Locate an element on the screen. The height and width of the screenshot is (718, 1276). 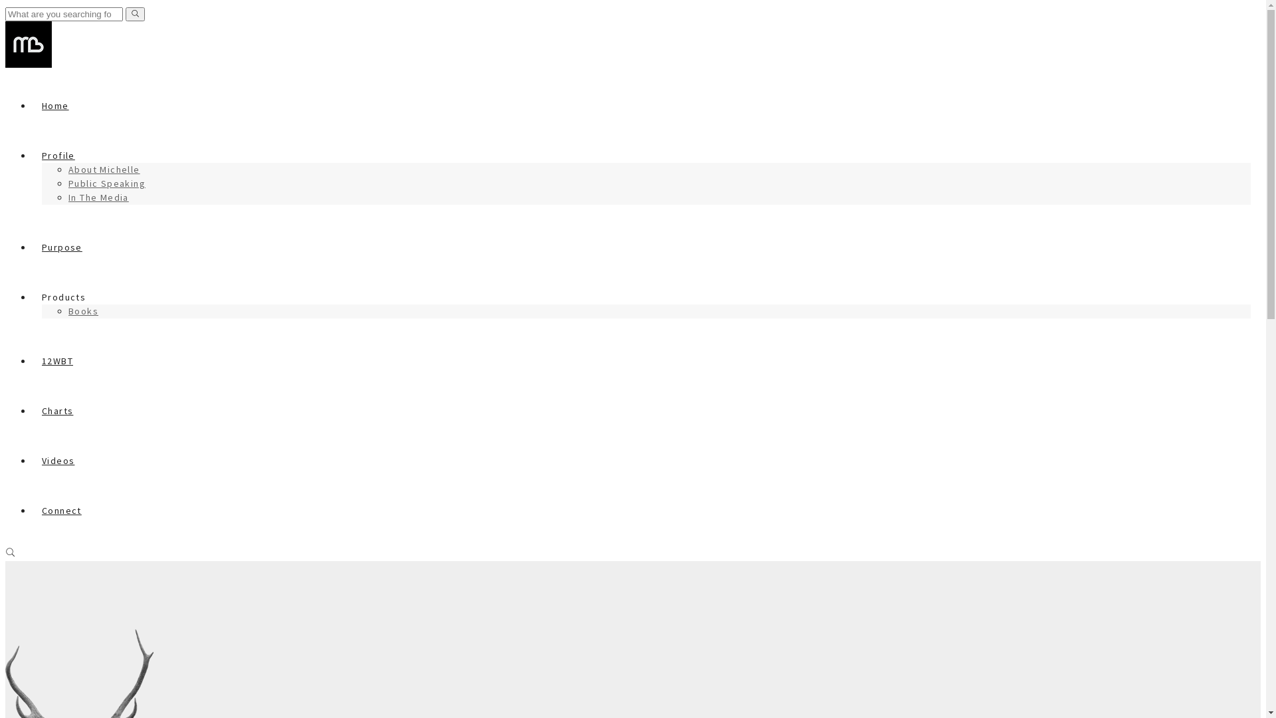
'Connect' is located at coordinates (60, 509).